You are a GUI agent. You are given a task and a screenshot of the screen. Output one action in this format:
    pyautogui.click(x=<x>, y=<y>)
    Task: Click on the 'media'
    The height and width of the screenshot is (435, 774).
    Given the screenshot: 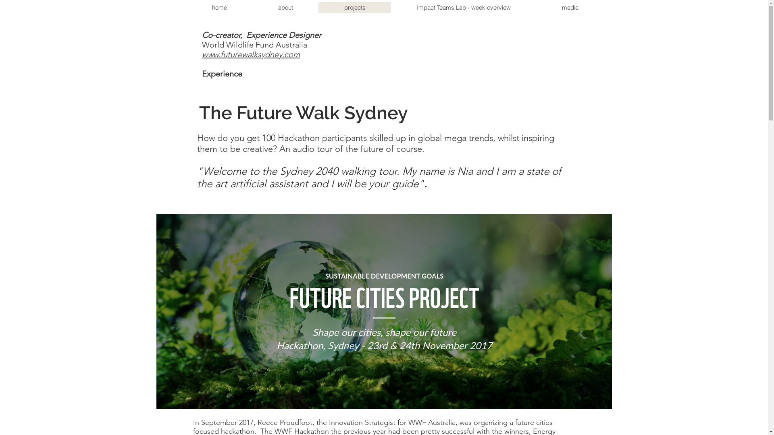 What is the action you would take?
    pyautogui.click(x=570, y=7)
    